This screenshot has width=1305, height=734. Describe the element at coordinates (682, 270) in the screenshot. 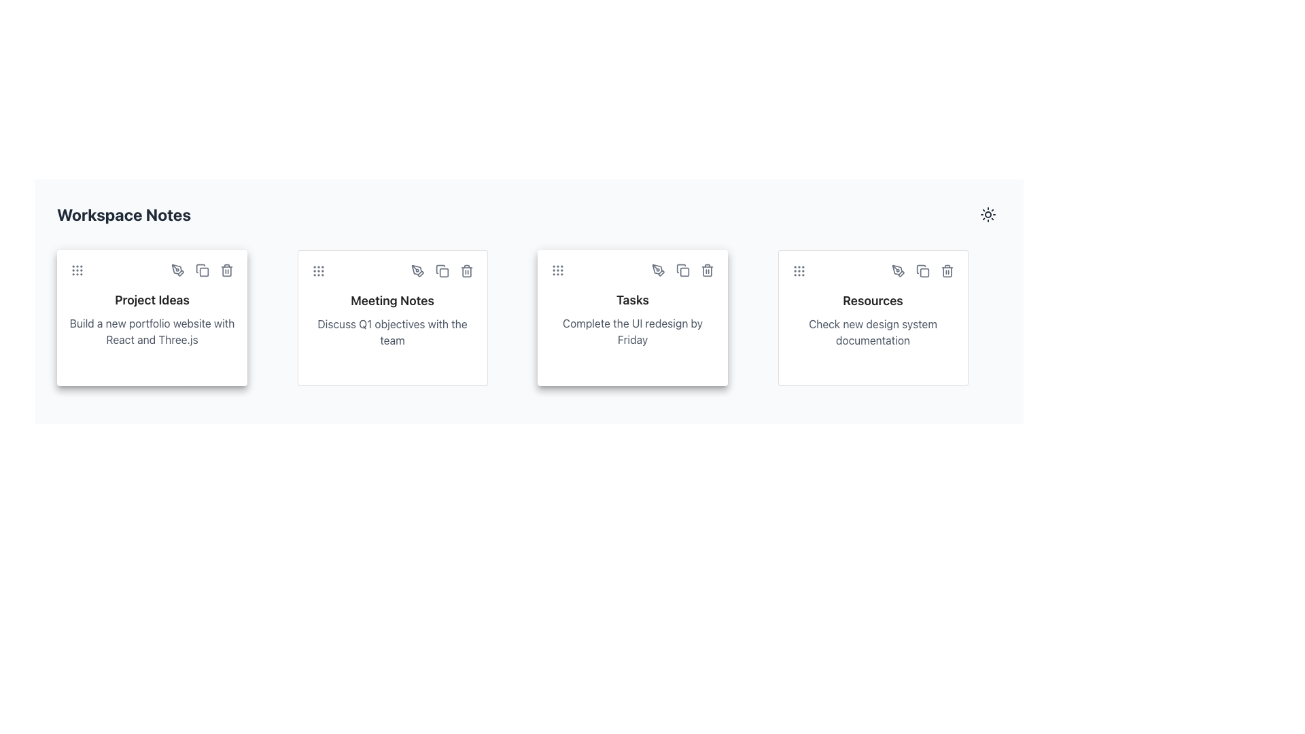

I see `the copy action icon, which is represented by two overlapping squares, located in the control strip of the 'Tasks' card` at that location.